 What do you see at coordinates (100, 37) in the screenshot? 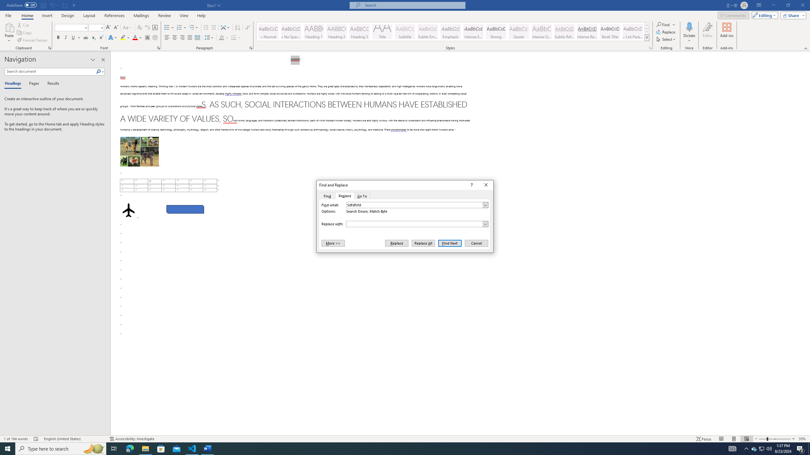
I see `'Superscript'` at bounding box center [100, 37].